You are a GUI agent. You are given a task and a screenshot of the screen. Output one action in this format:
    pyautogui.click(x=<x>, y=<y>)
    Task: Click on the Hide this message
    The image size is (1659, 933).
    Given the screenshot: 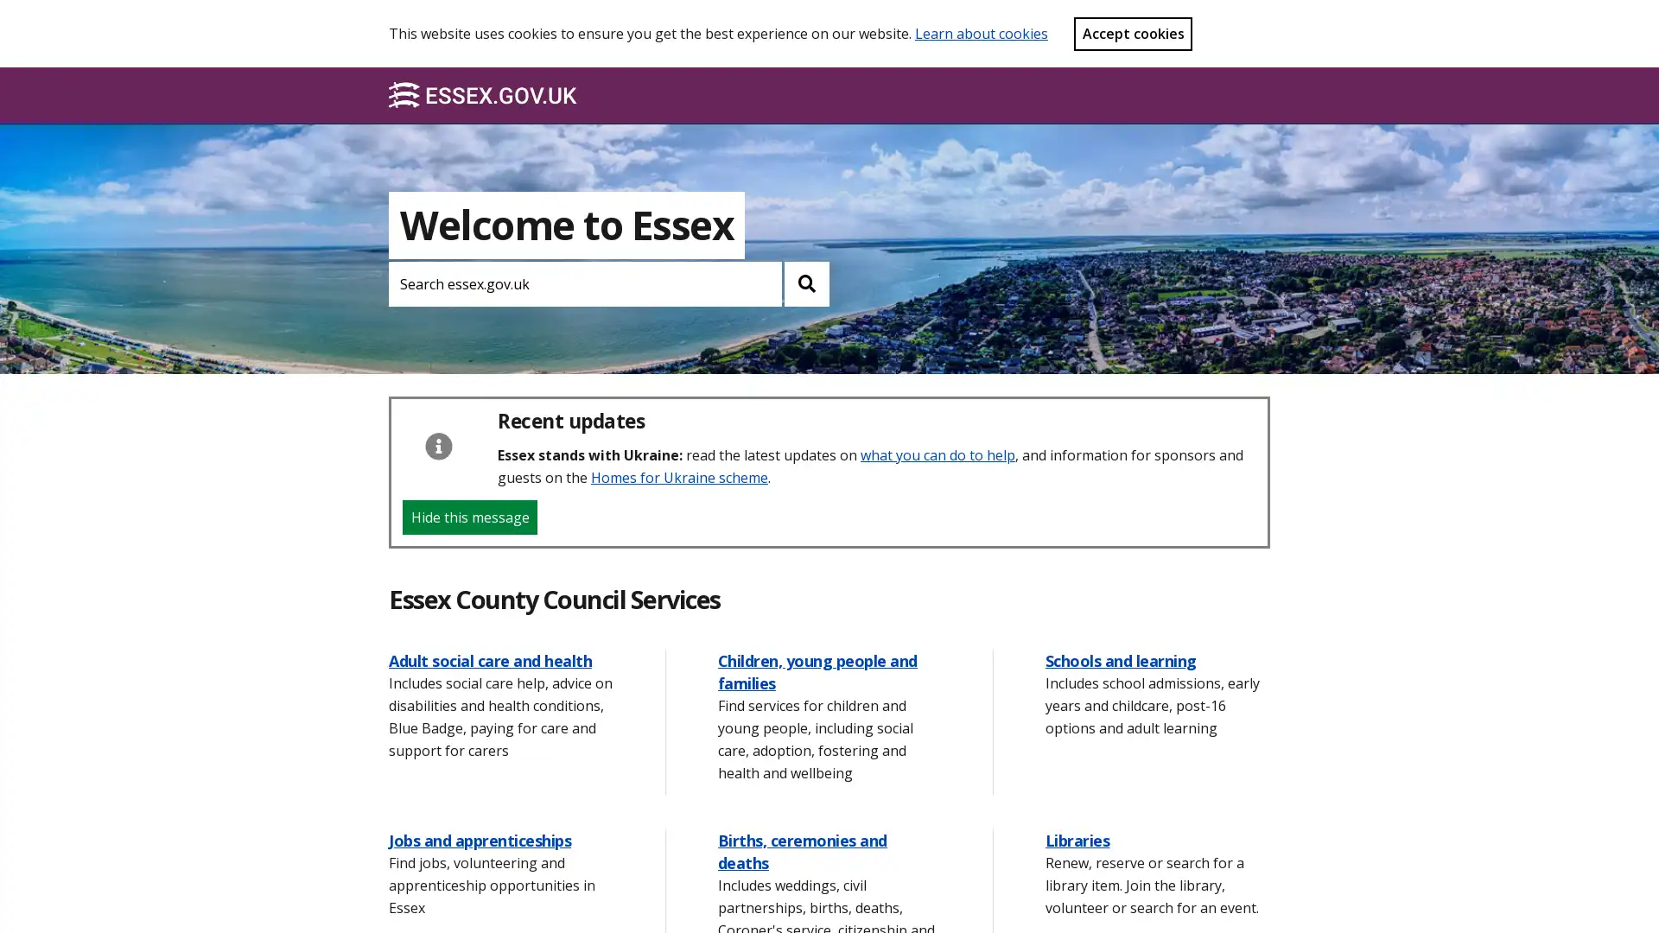 What is the action you would take?
    pyautogui.click(x=469, y=516)
    